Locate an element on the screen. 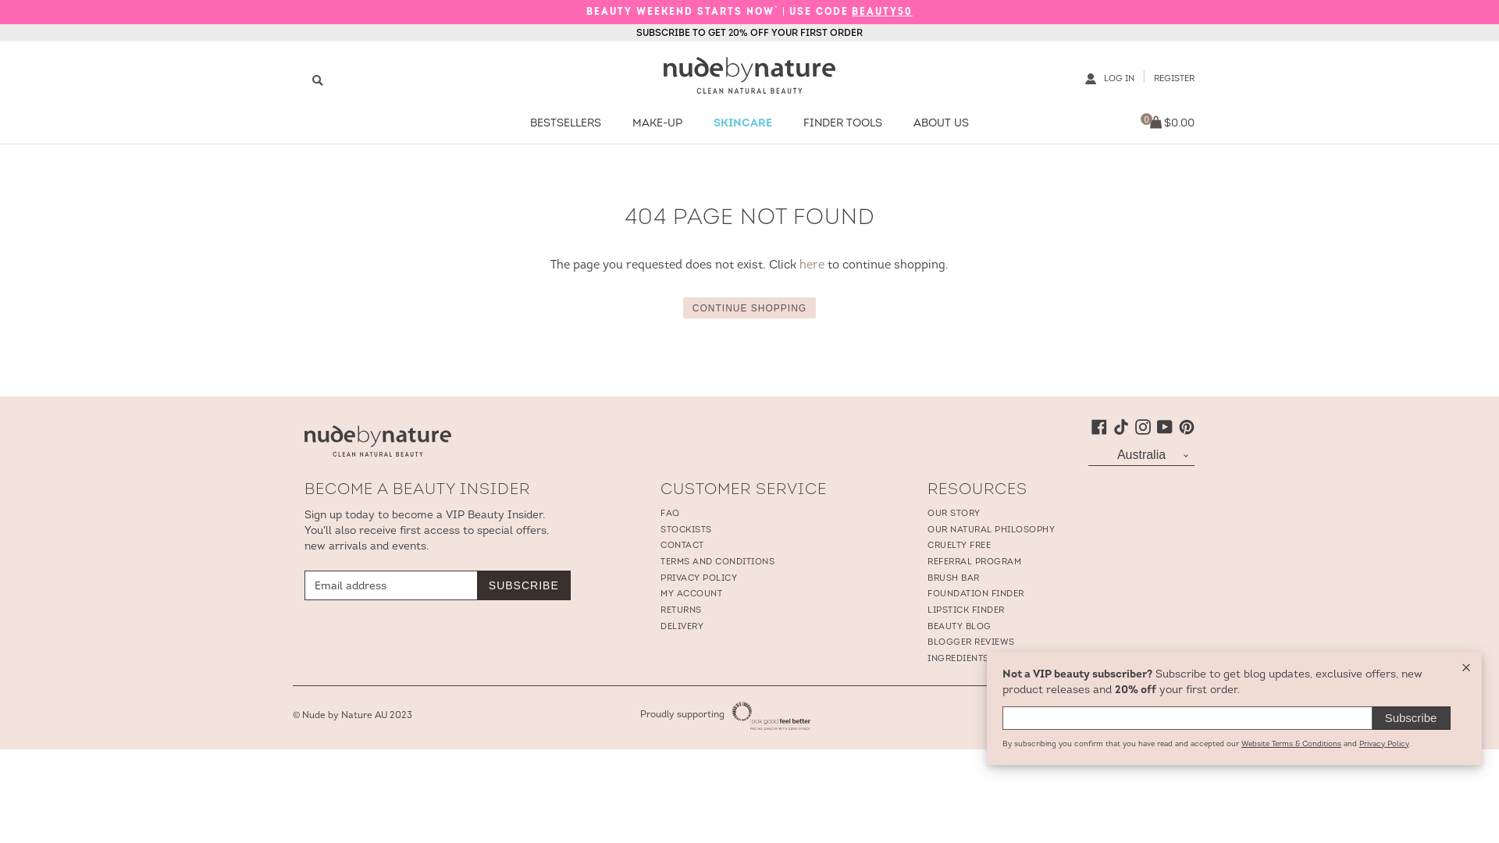 The height and width of the screenshot is (843, 1499). 'LOG IN' is located at coordinates (1118, 79).